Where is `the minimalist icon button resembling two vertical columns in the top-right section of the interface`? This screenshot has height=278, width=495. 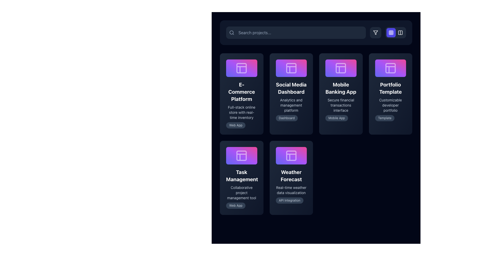
the minimalist icon button resembling two vertical columns in the top-right section of the interface is located at coordinates (400, 33).